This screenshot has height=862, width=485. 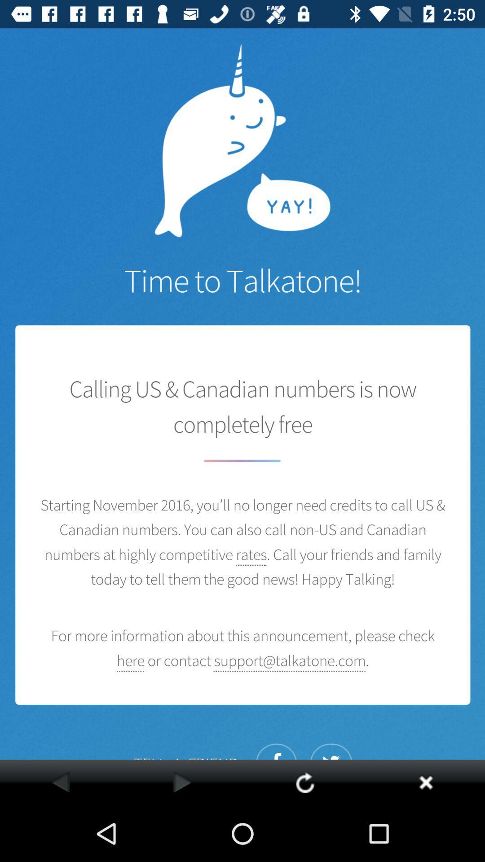 I want to click on refresh page, so click(x=304, y=782).